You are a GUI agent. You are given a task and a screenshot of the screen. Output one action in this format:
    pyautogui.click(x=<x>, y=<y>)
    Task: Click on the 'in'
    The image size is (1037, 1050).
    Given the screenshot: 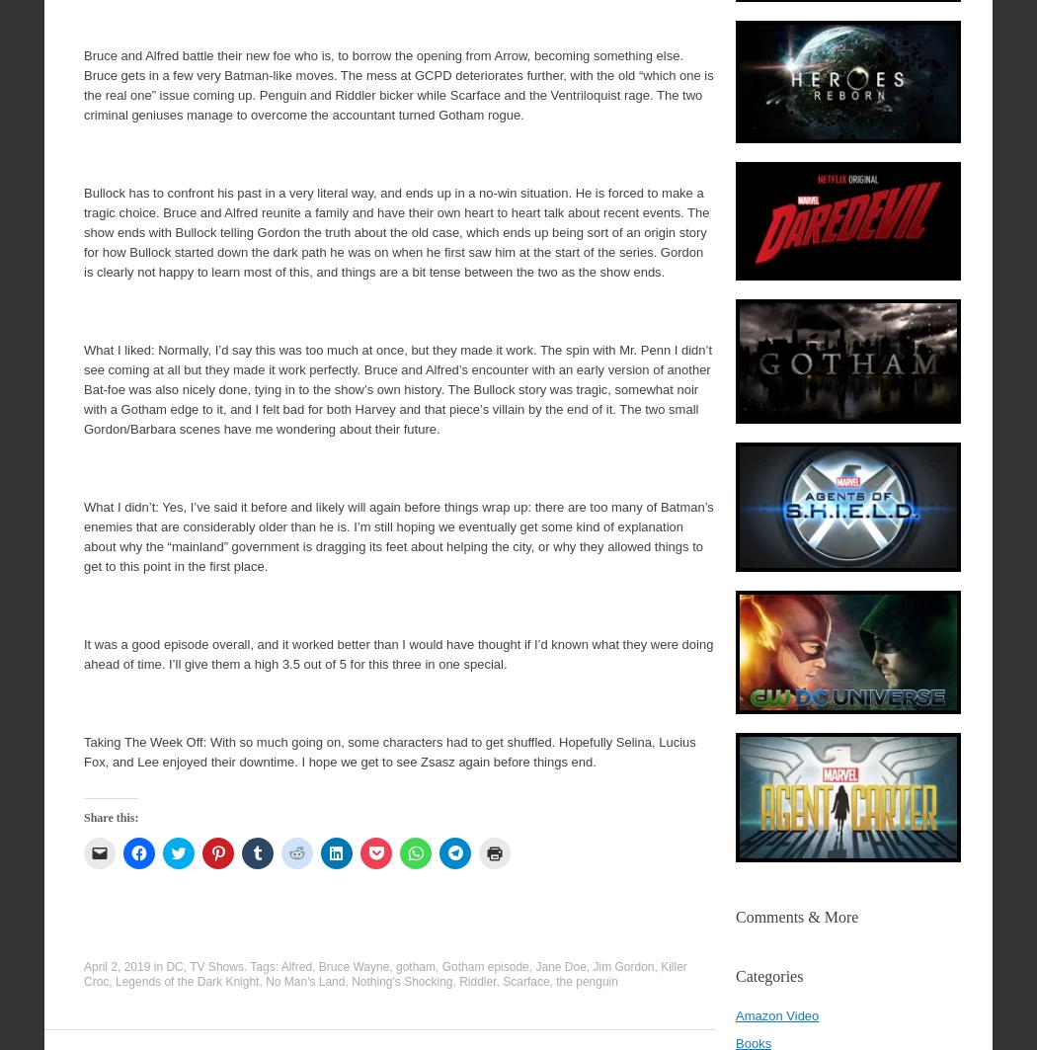 What is the action you would take?
    pyautogui.click(x=158, y=964)
    